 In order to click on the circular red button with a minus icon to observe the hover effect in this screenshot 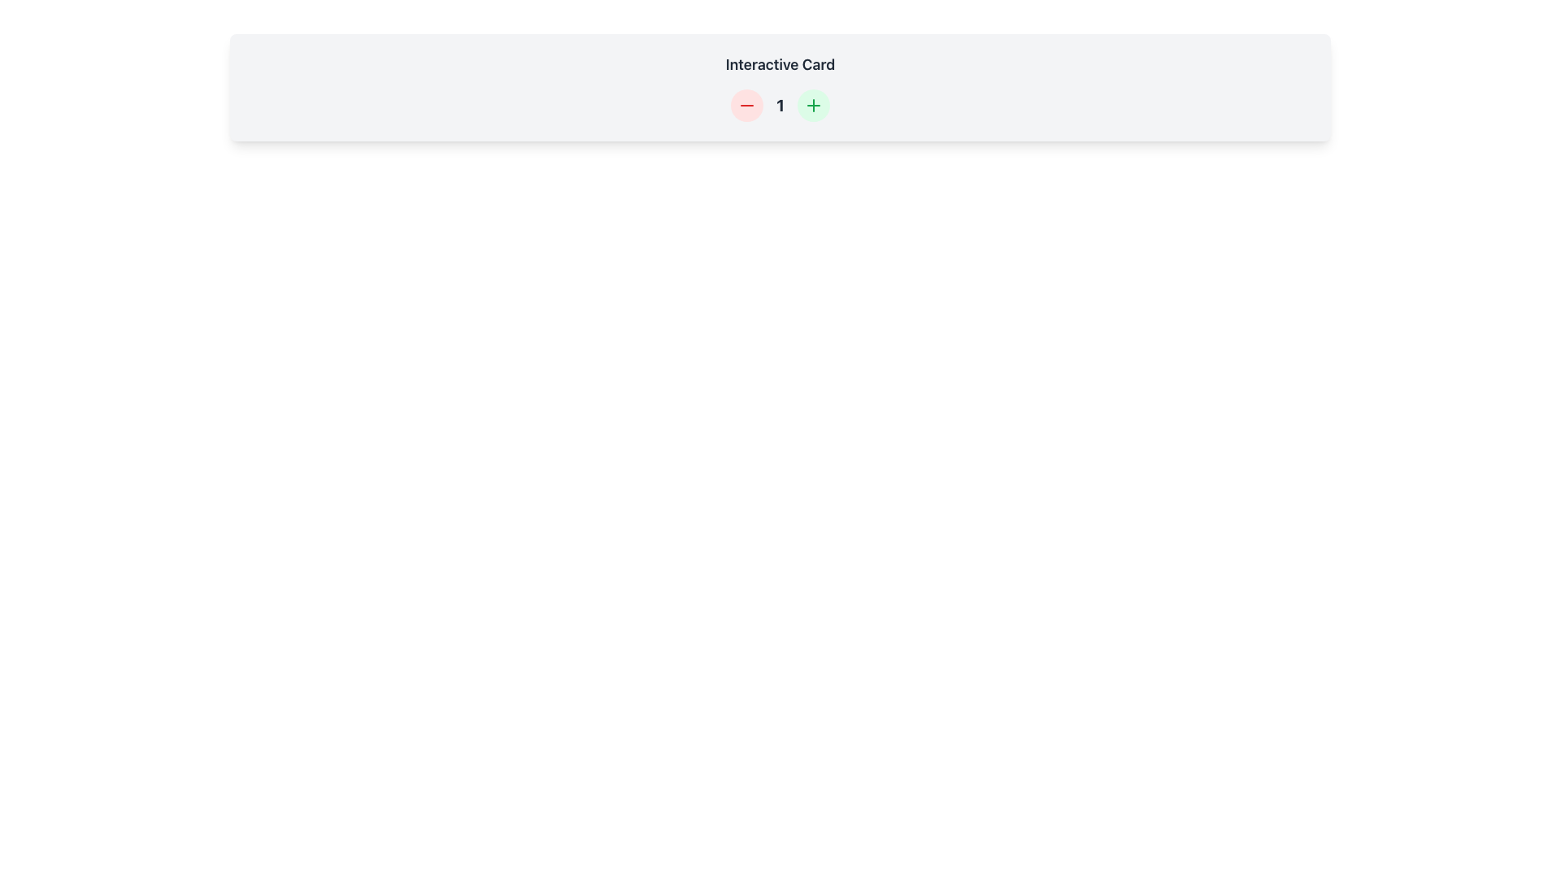, I will do `click(746, 106)`.